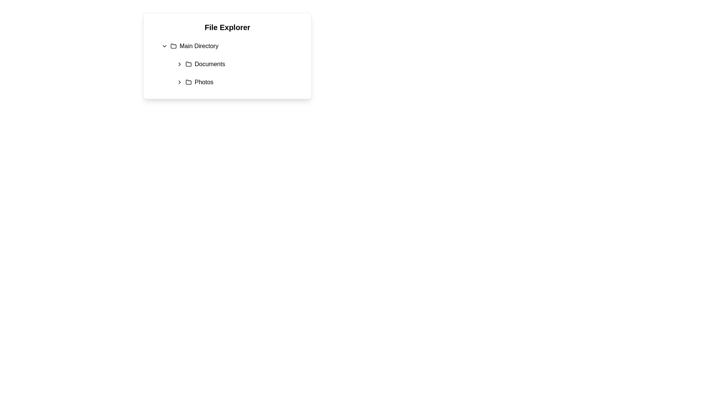 This screenshot has height=406, width=723. Describe the element at coordinates (199, 46) in the screenshot. I see `the 'Main Directory' text label in the File Explorer interface` at that location.